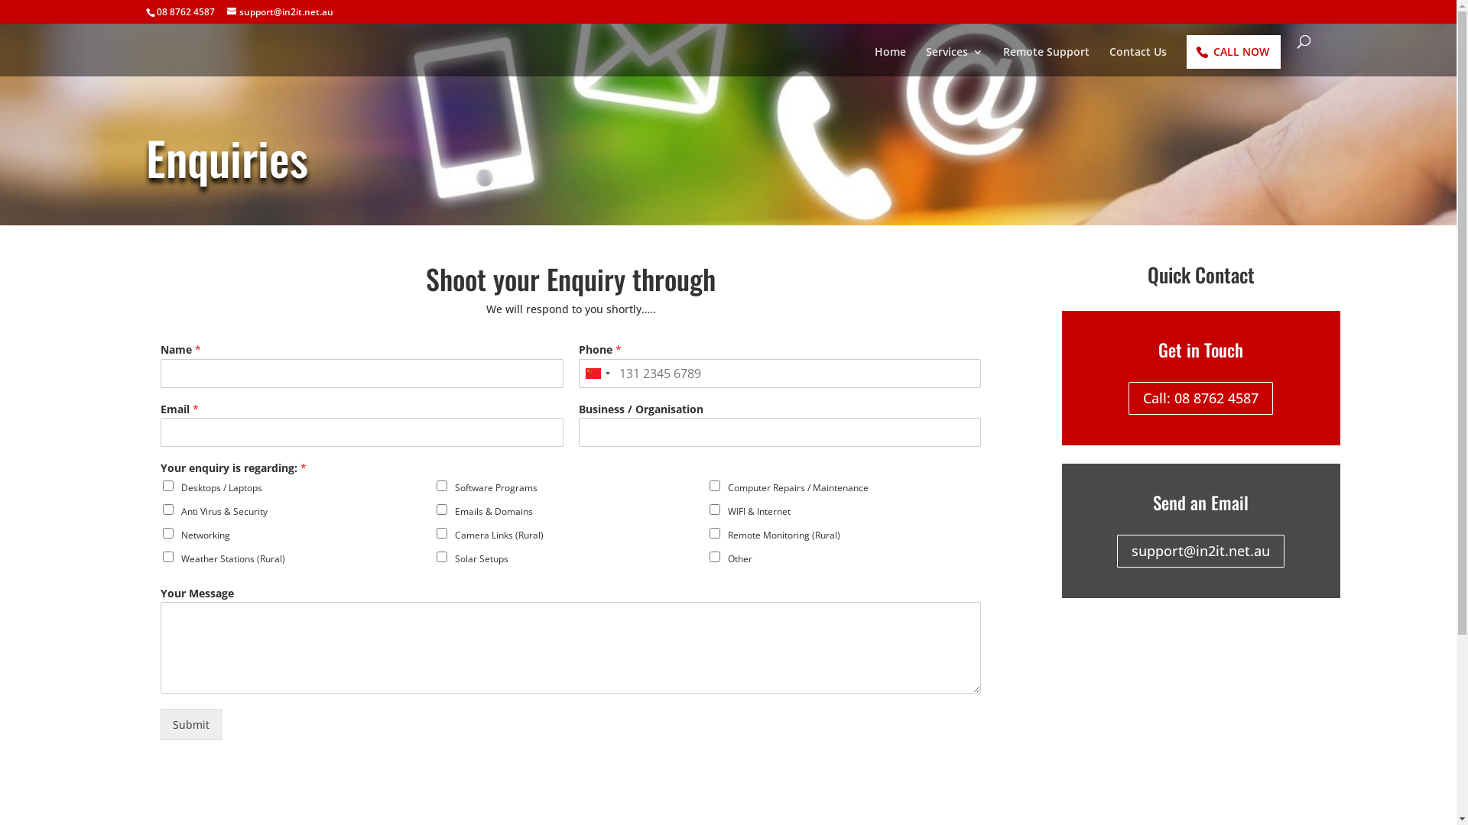 This screenshot has width=1468, height=825. I want to click on 'support@in2it.net.au', so click(279, 11).